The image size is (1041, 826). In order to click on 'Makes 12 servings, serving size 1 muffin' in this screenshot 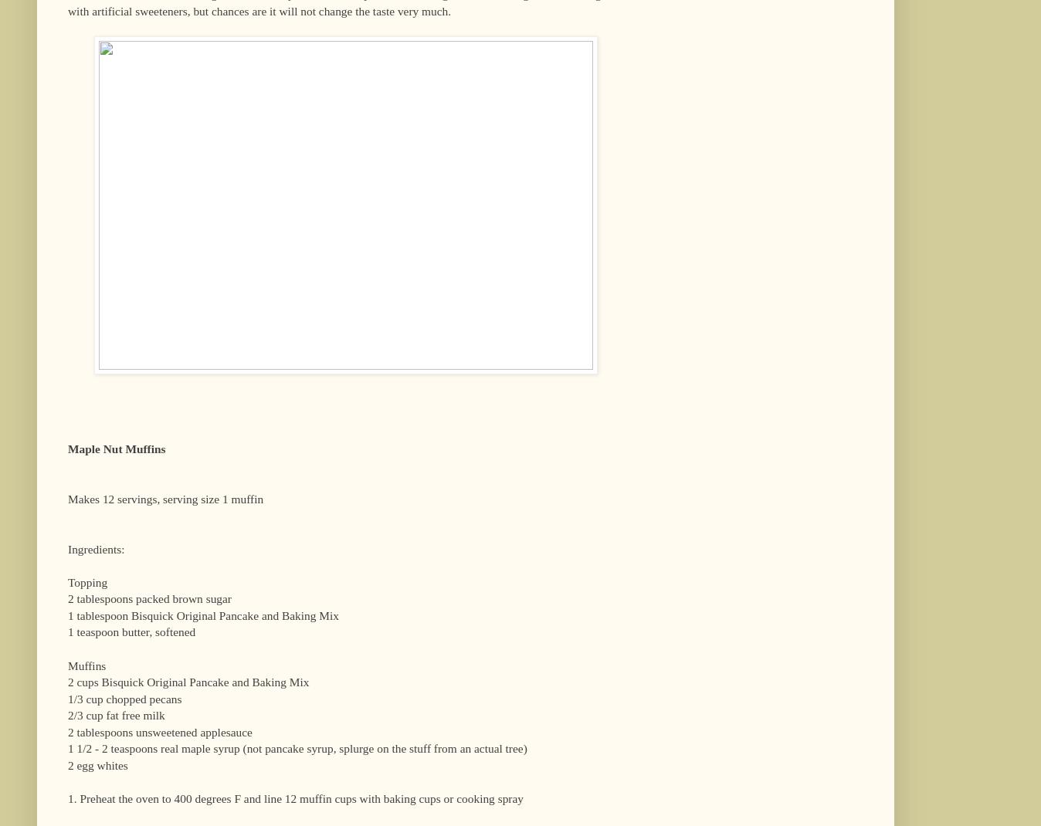, I will do `click(165, 498)`.